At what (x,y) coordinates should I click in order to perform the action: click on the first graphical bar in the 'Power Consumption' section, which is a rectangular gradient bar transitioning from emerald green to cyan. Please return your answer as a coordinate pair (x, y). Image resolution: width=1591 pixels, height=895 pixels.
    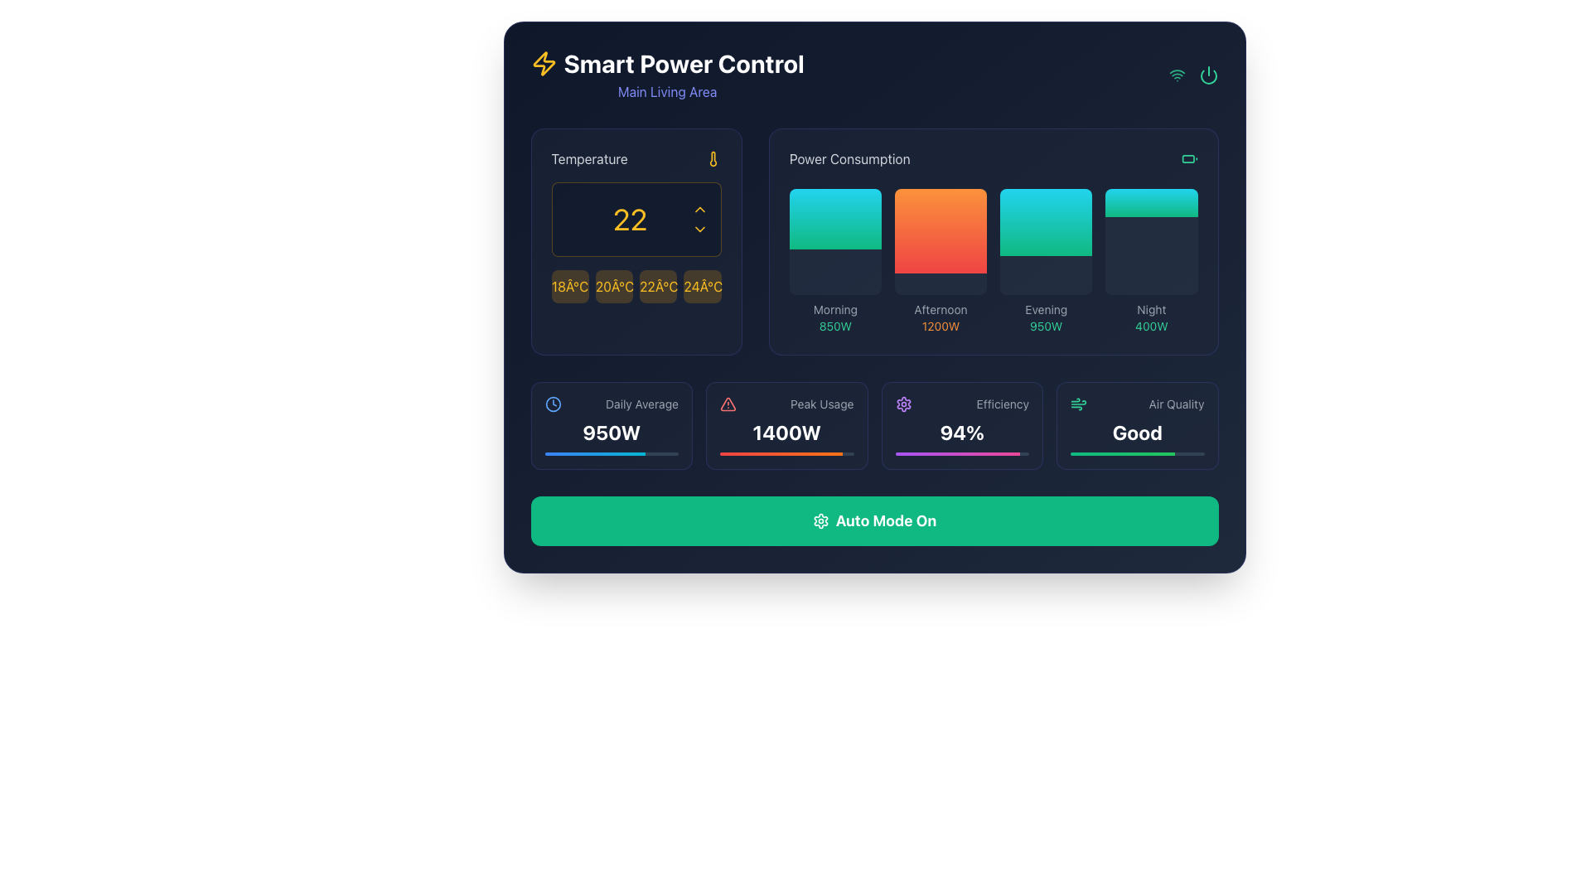
    Looking at the image, I should click on (835, 218).